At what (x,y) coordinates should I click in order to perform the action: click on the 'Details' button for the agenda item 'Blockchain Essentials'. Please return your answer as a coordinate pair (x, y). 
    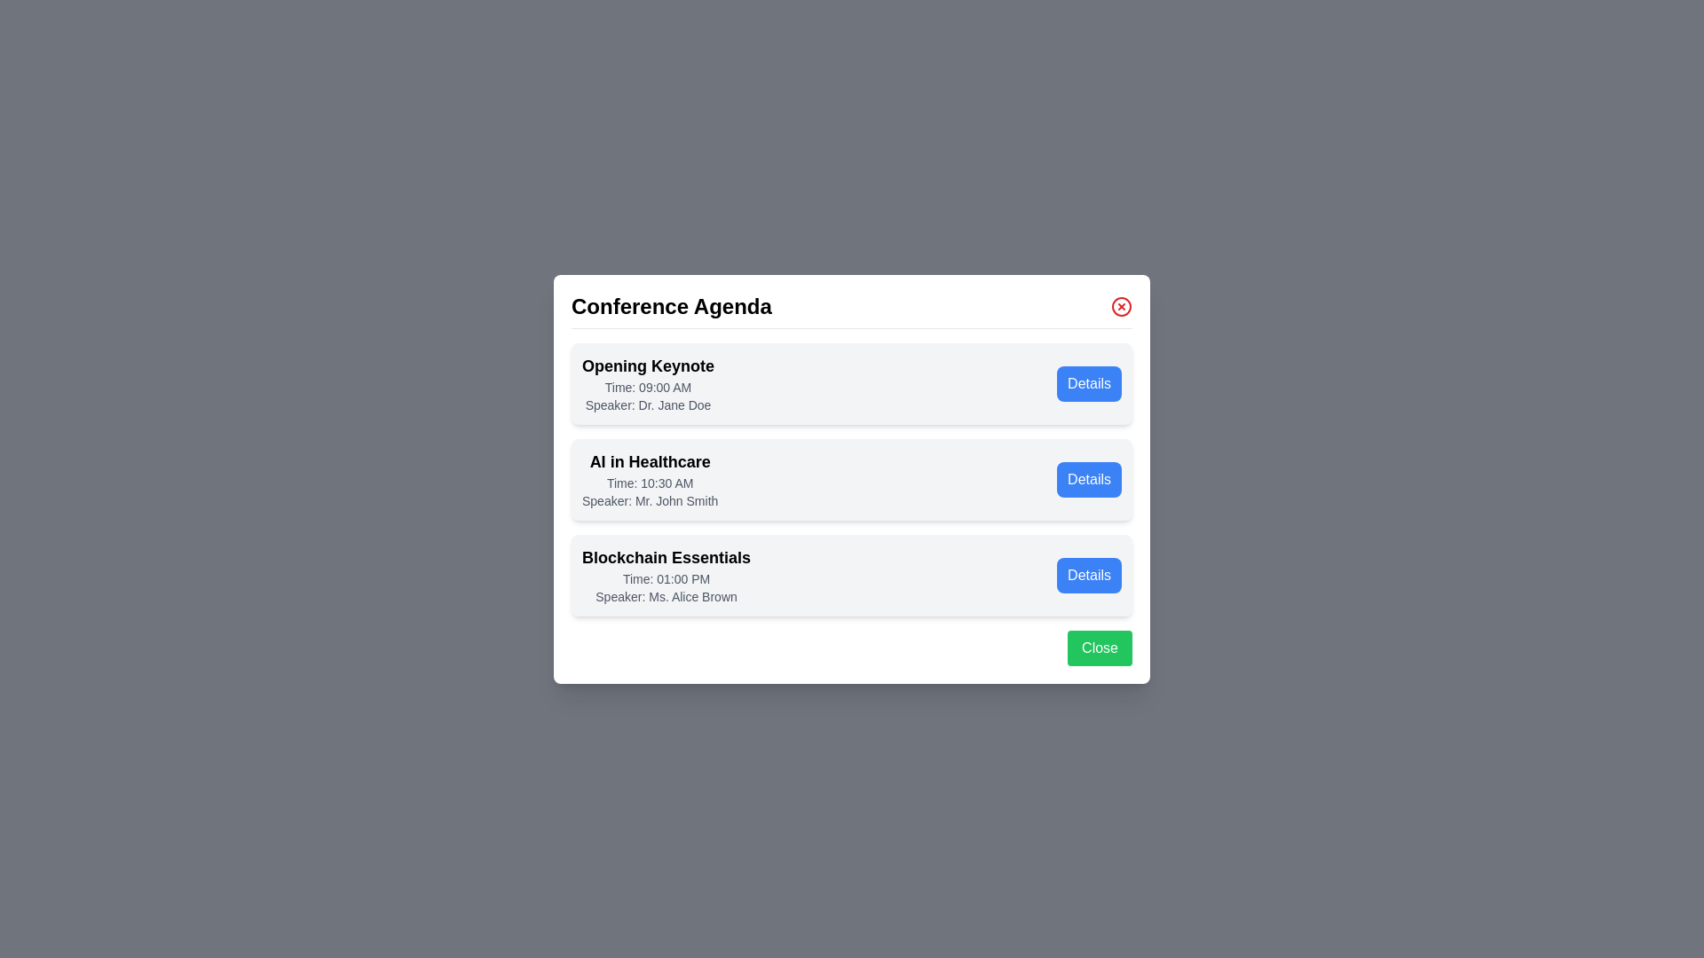
    Looking at the image, I should click on (1088, 575).